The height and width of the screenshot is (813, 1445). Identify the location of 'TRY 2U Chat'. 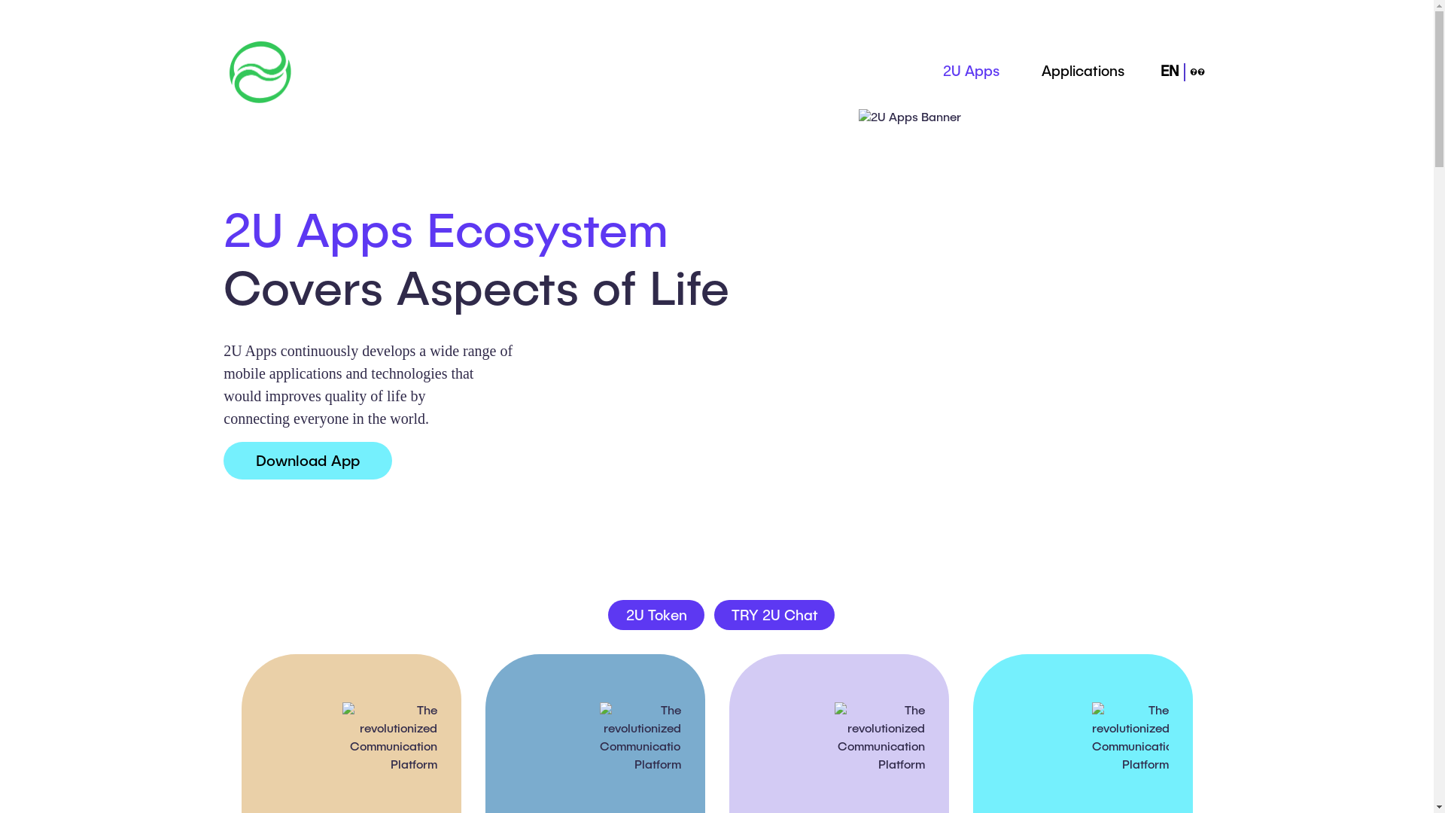
(774, 615).